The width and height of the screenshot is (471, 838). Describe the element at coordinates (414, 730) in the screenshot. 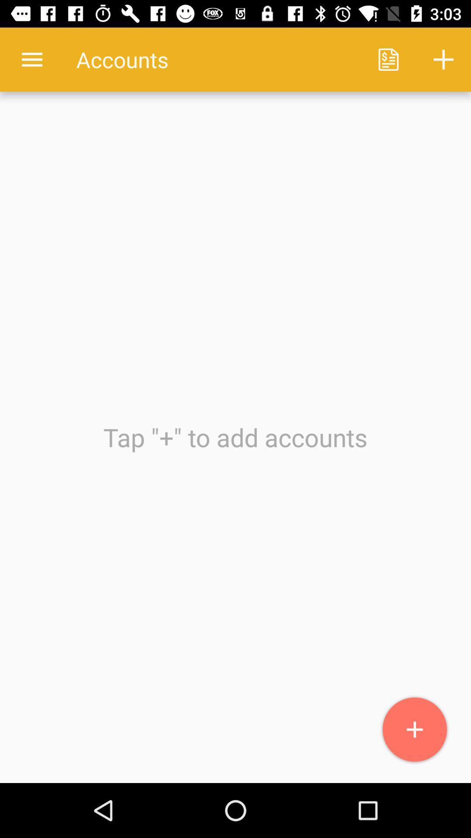

I see `icon at the bottom right corner` at that location.